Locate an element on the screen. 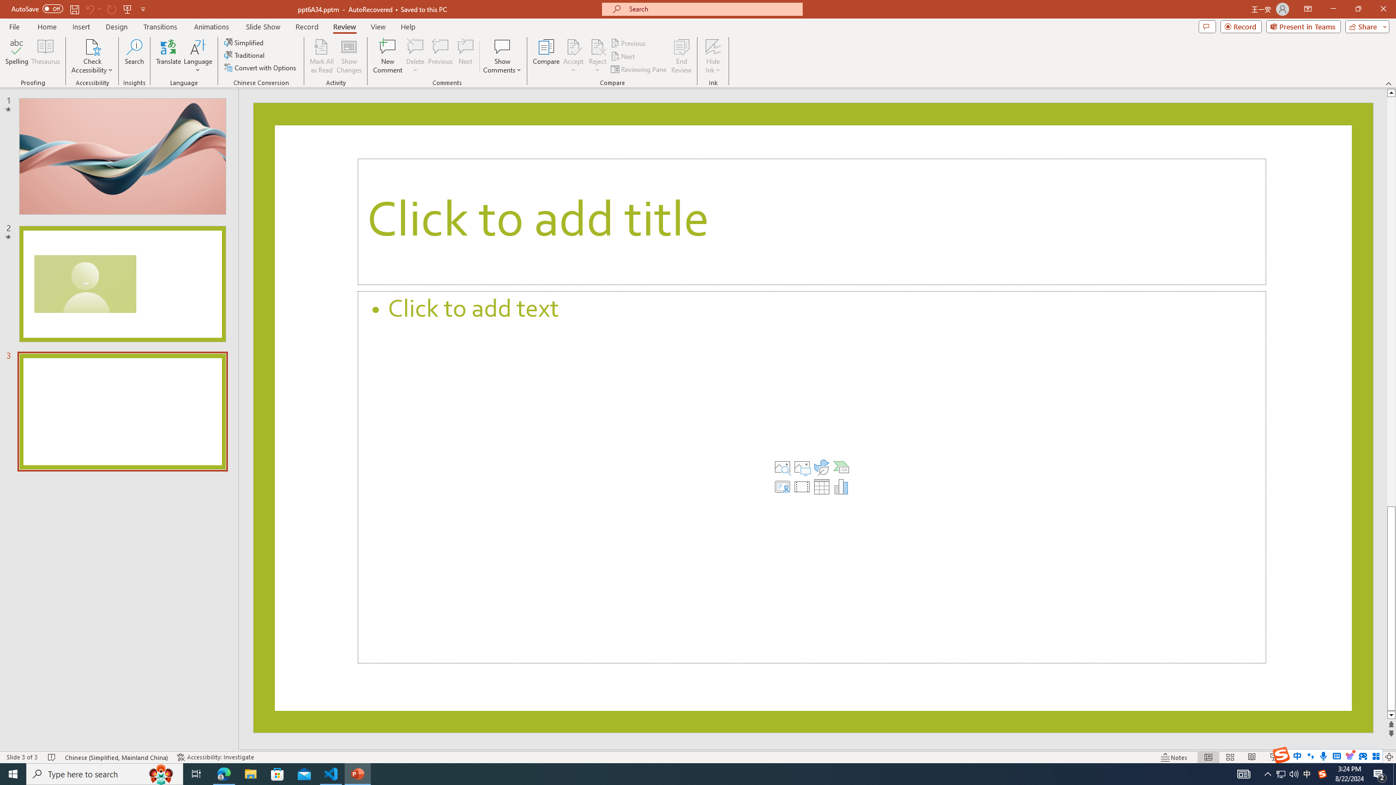 The width and height of the screenshot is (1396, 785). 'Delete' is located at coordinates (415, 56).